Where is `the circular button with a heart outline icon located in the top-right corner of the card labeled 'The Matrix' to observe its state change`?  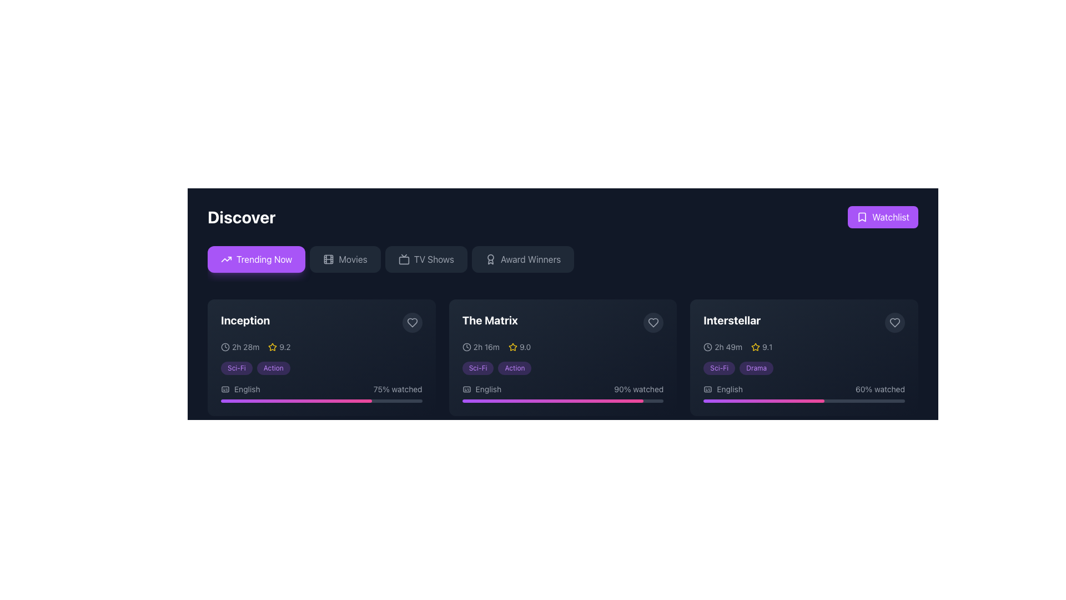
the circular button with a heart outline icon located in the top-right corner of the card labeled 'The Matrix' to observe its state change is located at coordinates (653, 323).